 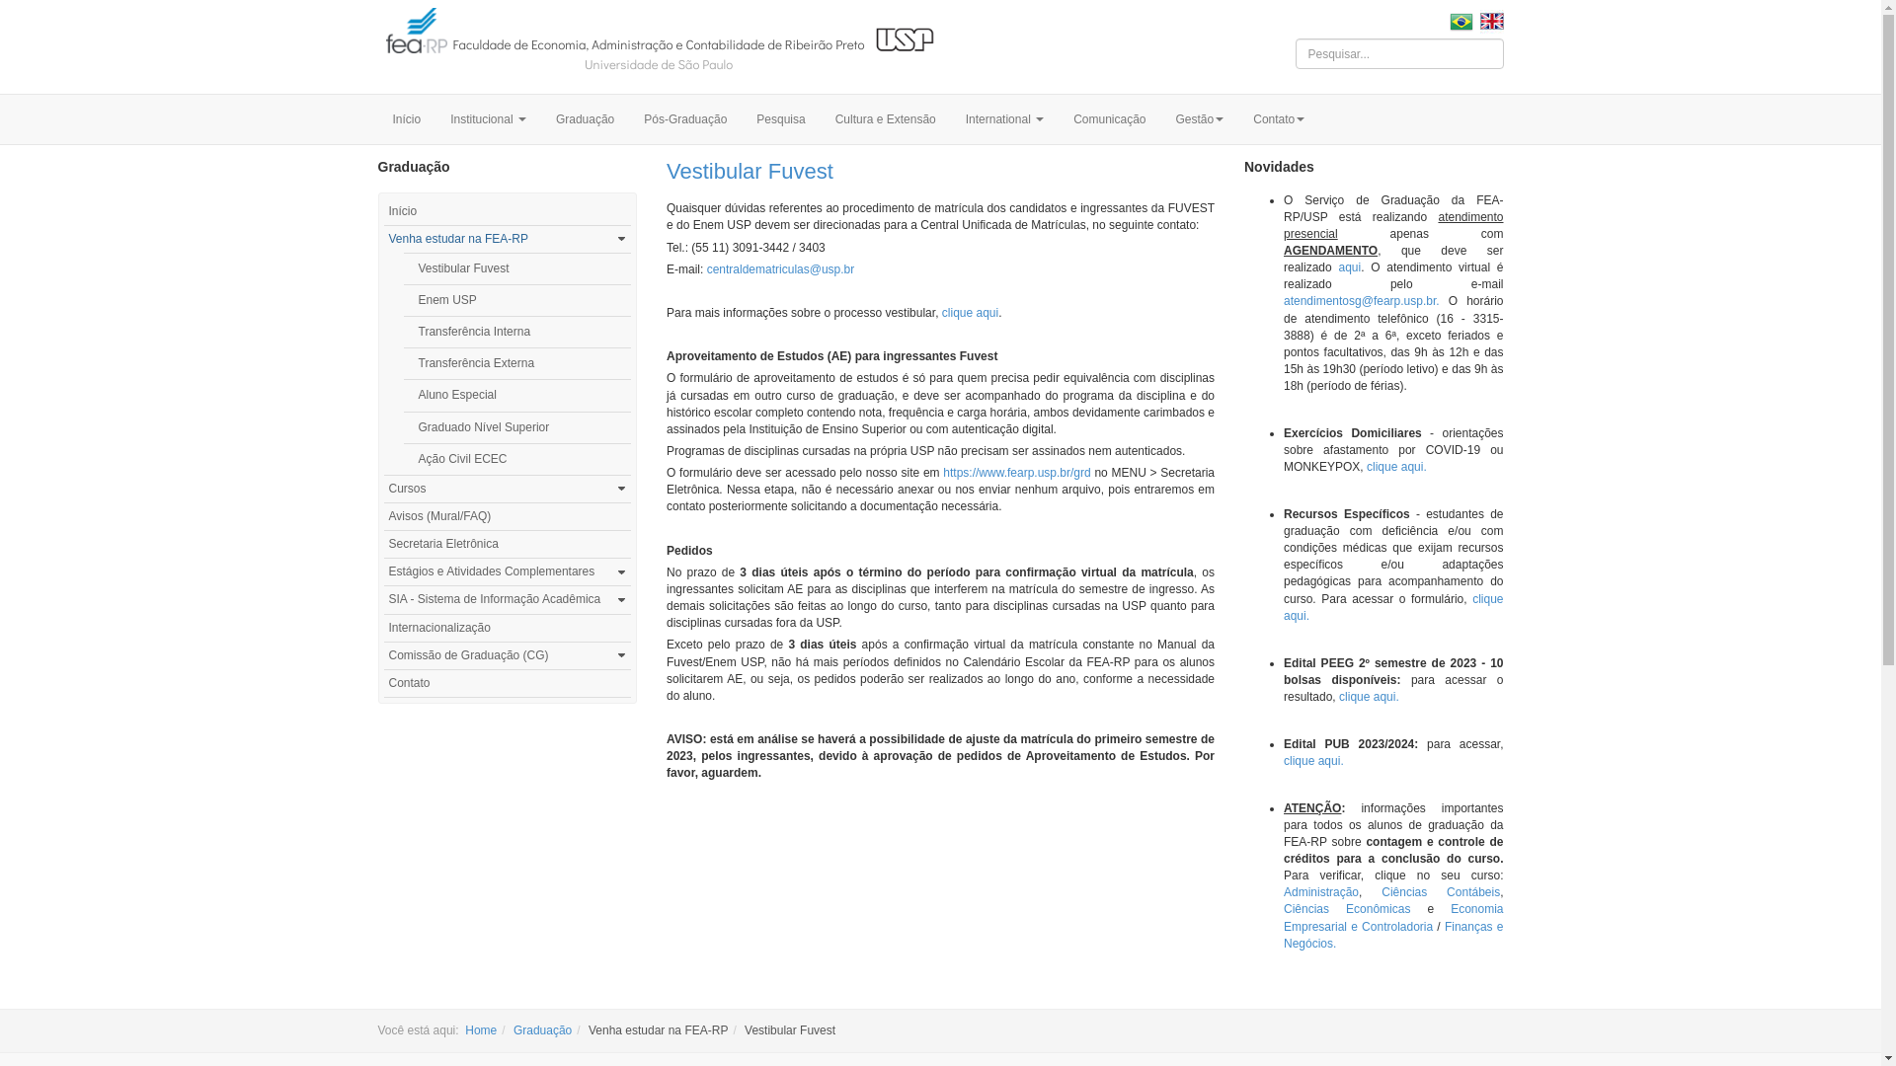 What do you see at coordinates (516, 300) in the screenshot?
I see `'Enem USP'` at bounding box center [516, 300].